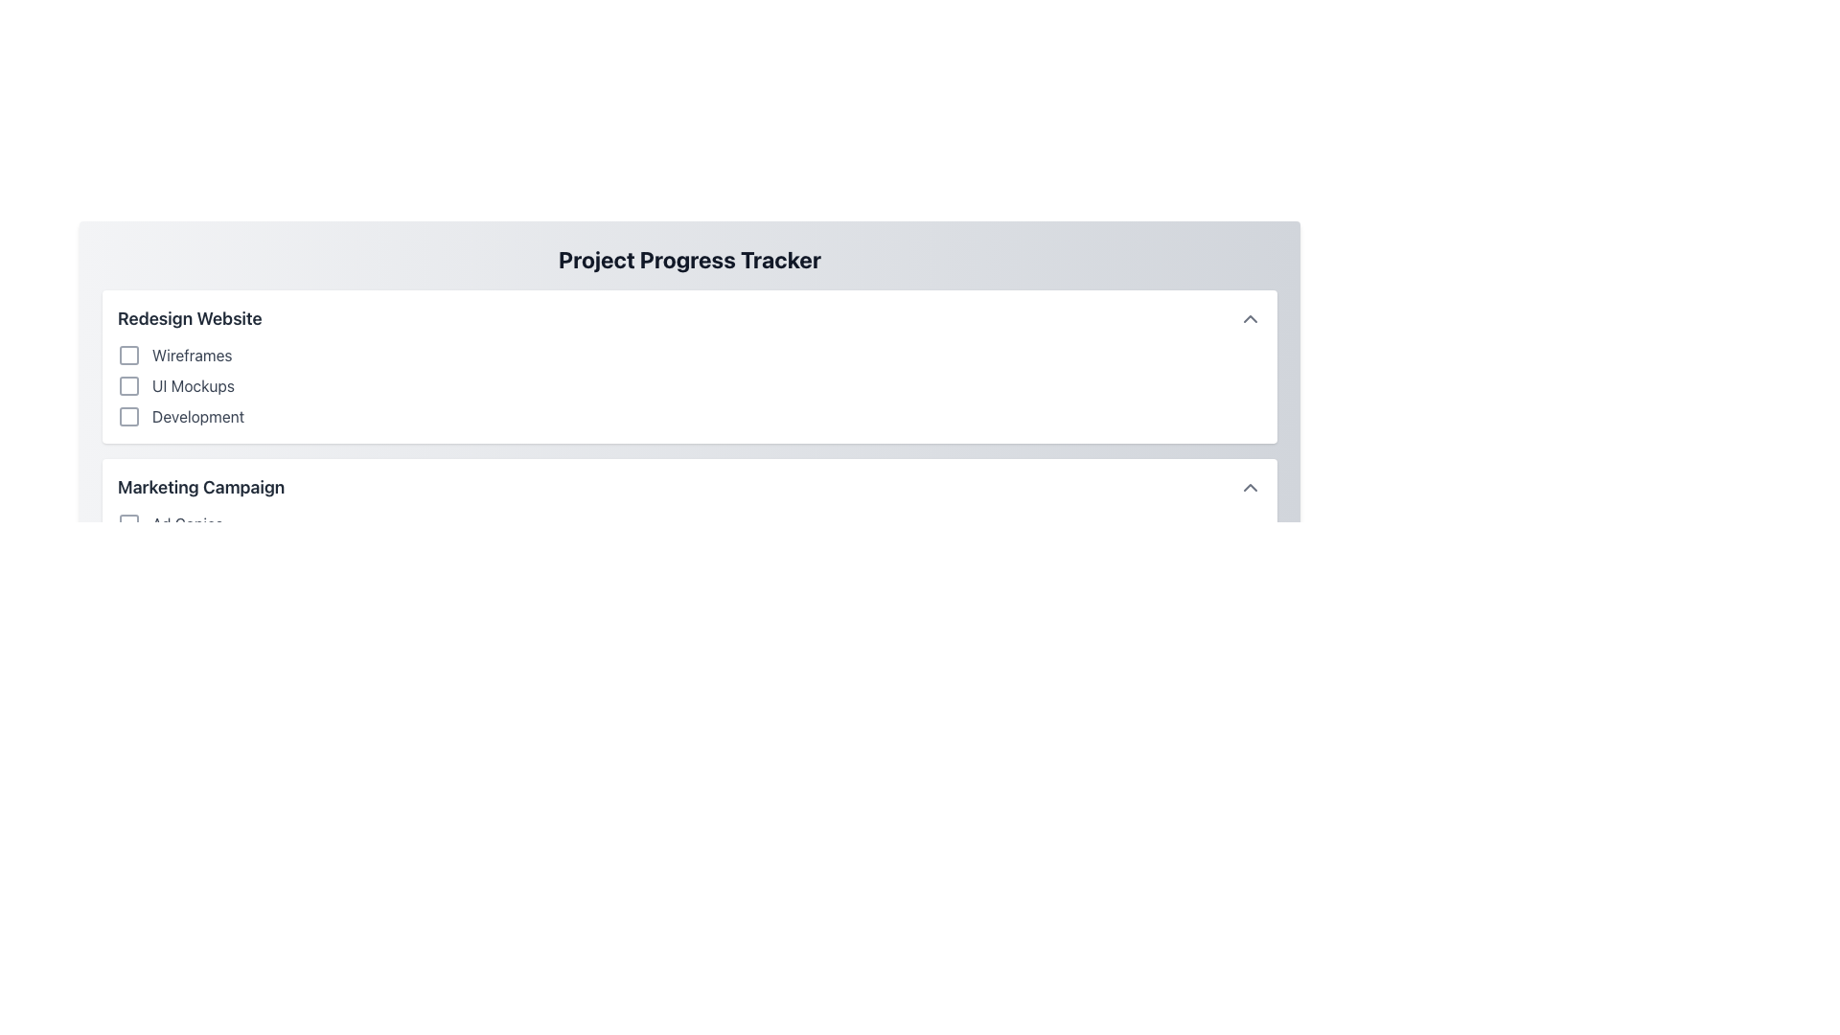 The image size is (1840, 1035). Describe the element at coordinates (127, 416) in the screenshot. I see `the checkbox for the 'Development' task in the 'Redesign Website' section` at that location.